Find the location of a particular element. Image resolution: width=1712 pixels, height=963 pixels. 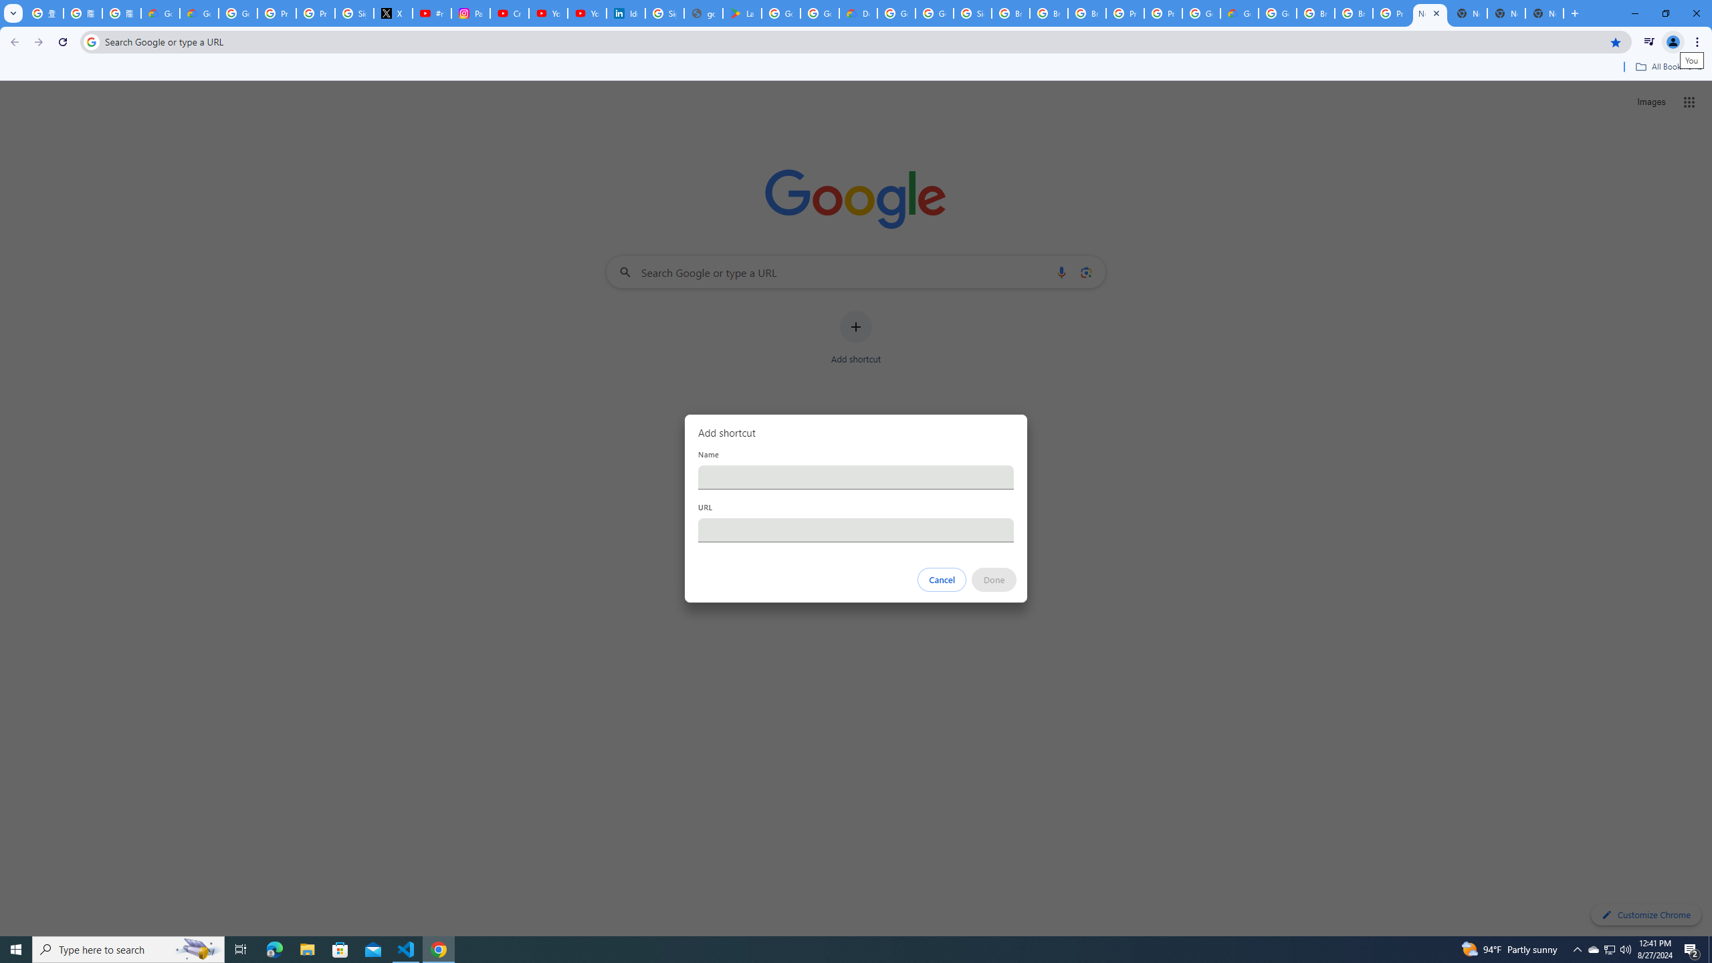

'Google Cloud Platform' is located at coordinates (1200, 13).